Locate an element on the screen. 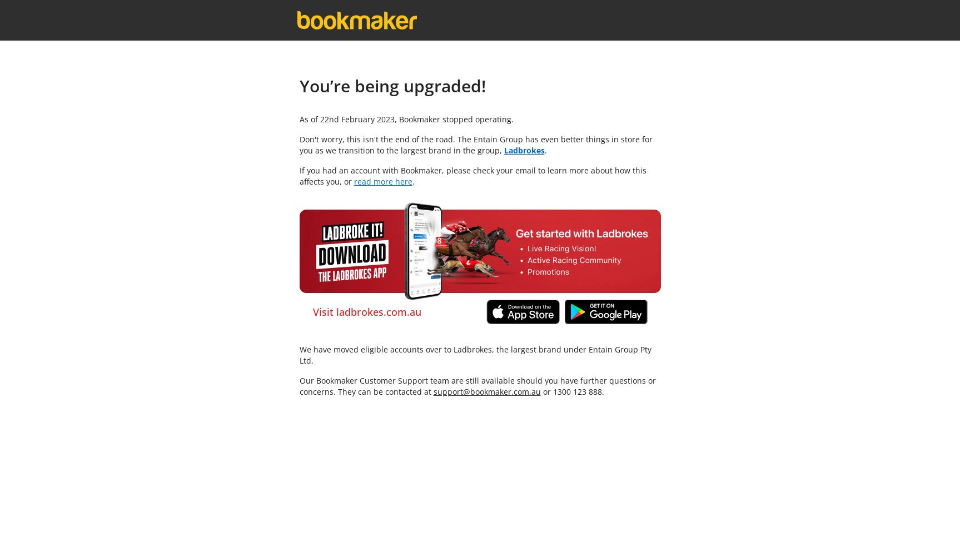  'Visit ladbrokes.com.au' is located at coordinates (366, 312).